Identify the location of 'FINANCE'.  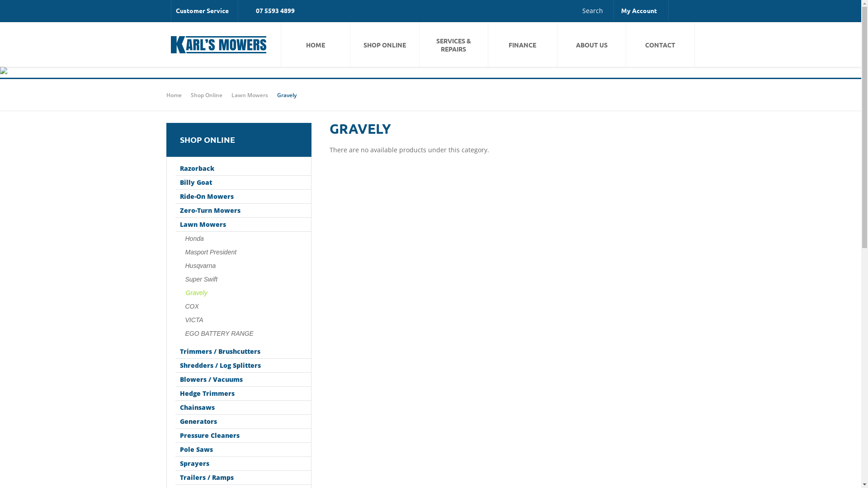
(522, 44).